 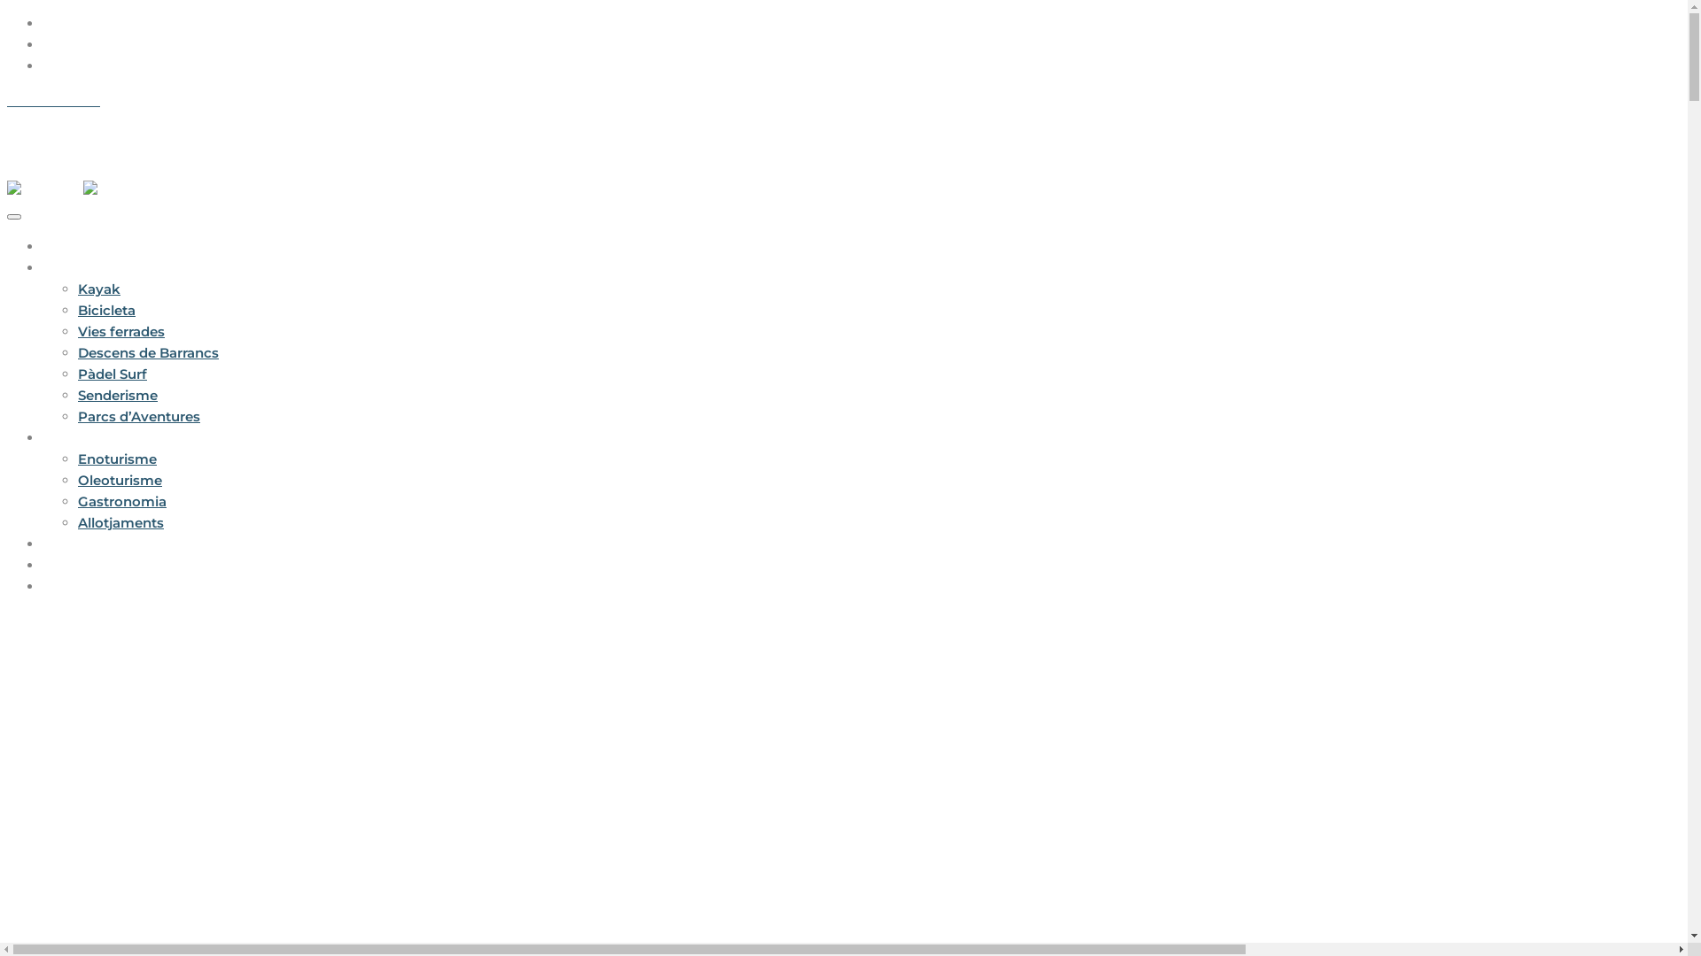 What do you see at coordinates (73, 267) in the screenshot?
I see `'Activitats'` at bounding box center [73, 267].